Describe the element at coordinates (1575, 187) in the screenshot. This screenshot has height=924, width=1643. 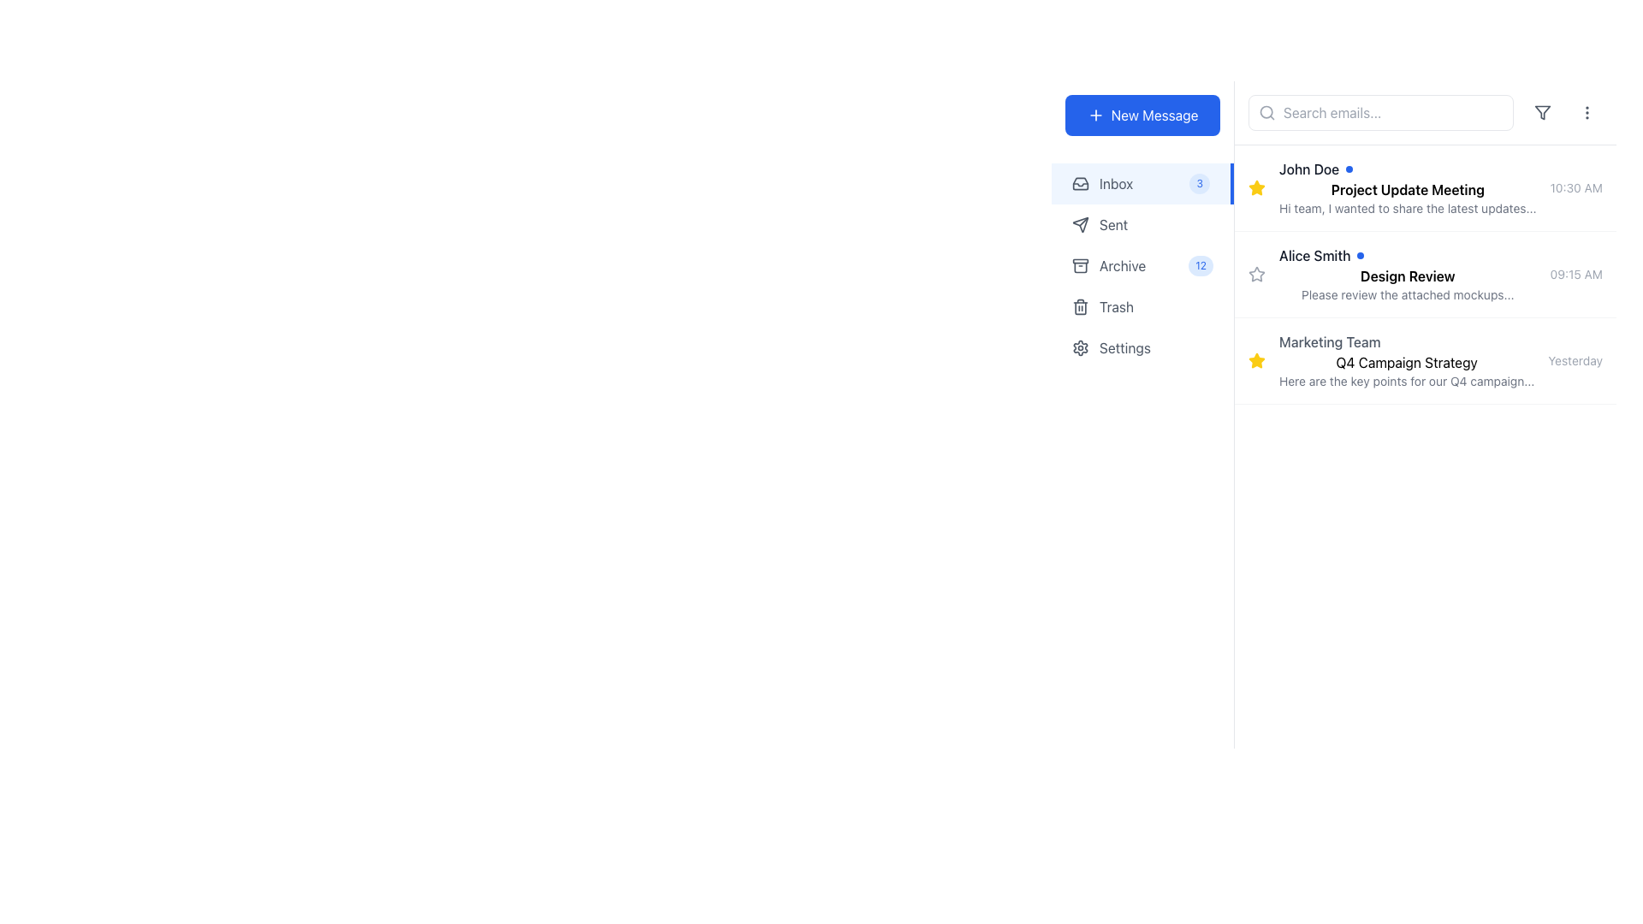
I see `the text label displaying the time associated with the email message, located at the top-right corner of the email item, next to the title and sender information` at that location.